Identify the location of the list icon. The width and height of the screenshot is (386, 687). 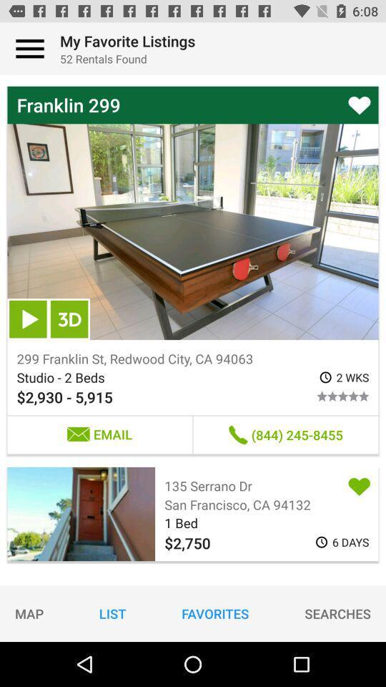
(112, 613).